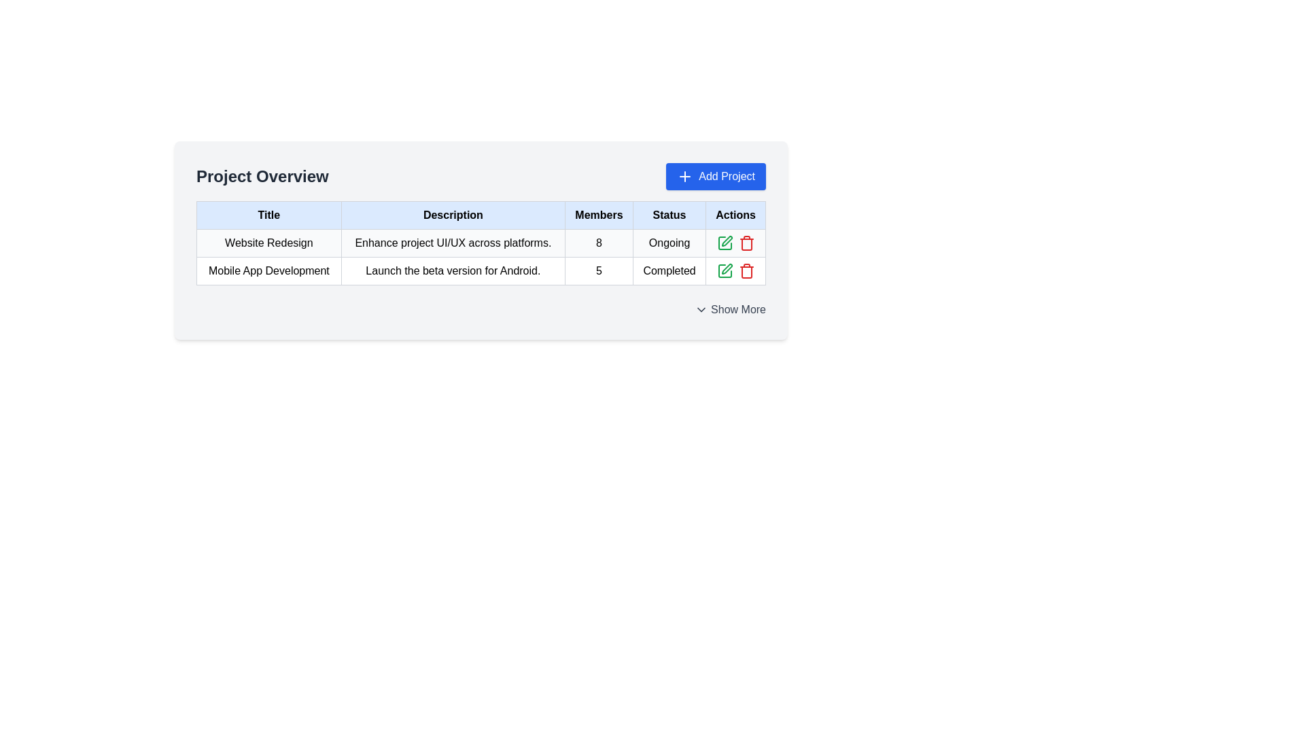 The height and width of the screenshot is (734, 1305). What do you see at coordinates (598, 270) in the screenshot?
I see `the static text cell displaying numerical information for the 'Mobile App Development' project in the 'Members' column of the second row` at bounding box center [598, 270].